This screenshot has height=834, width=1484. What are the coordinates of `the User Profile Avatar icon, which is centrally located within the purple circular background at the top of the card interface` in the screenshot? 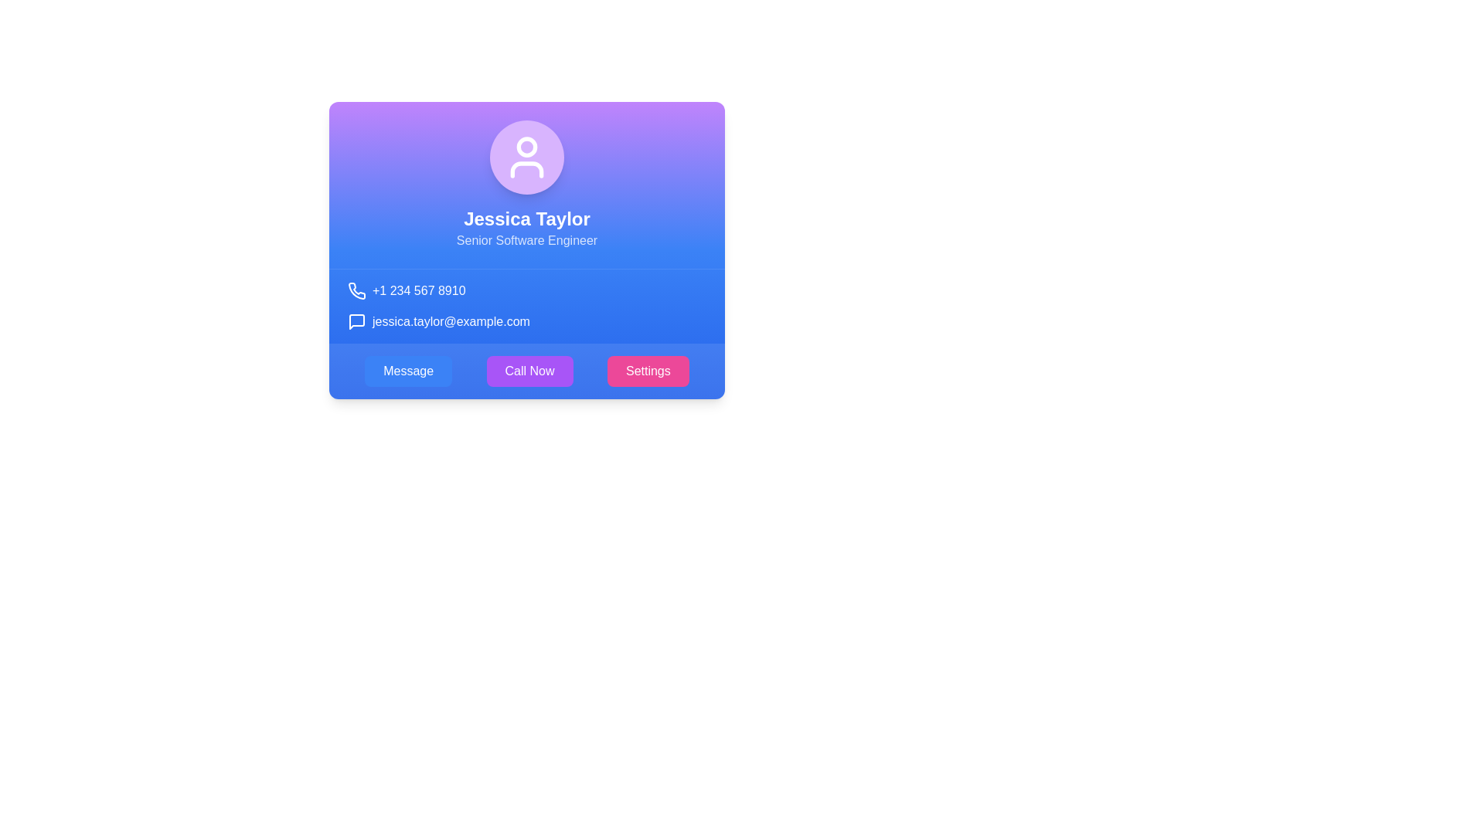 It's located at (526, 158).